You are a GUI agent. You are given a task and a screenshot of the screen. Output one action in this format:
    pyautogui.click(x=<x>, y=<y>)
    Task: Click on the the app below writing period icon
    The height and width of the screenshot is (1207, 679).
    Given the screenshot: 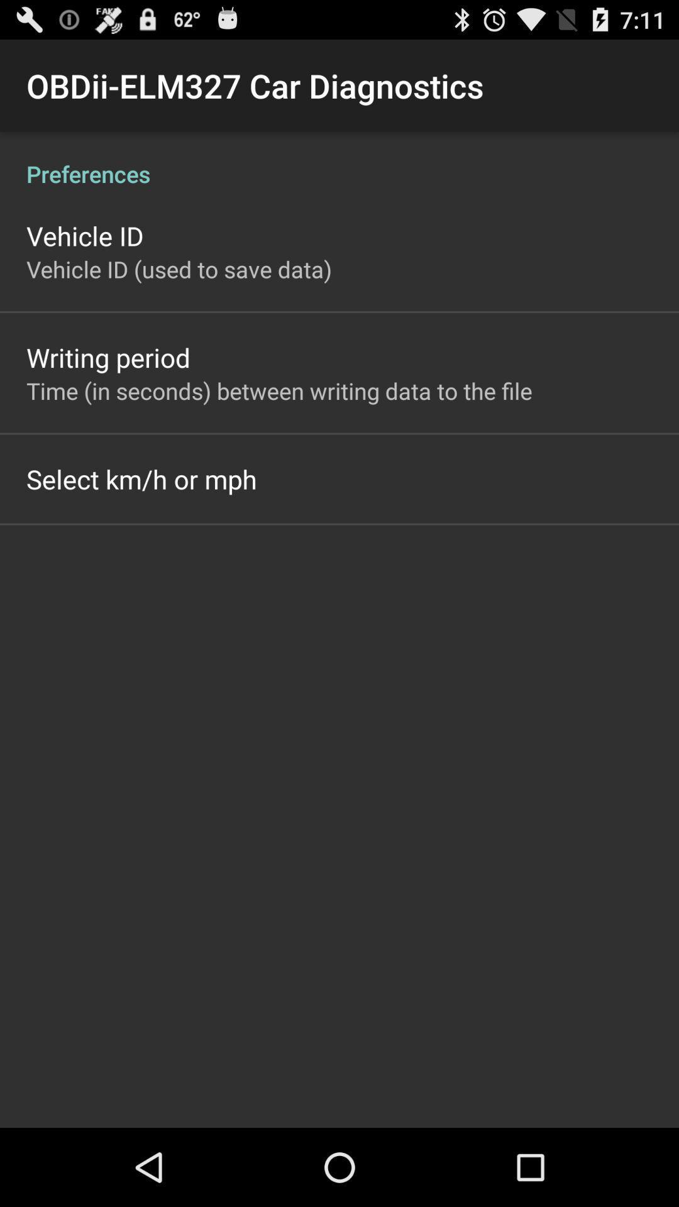 What is the action you would take?
    pyautogui.click(x=279, y=390)
    